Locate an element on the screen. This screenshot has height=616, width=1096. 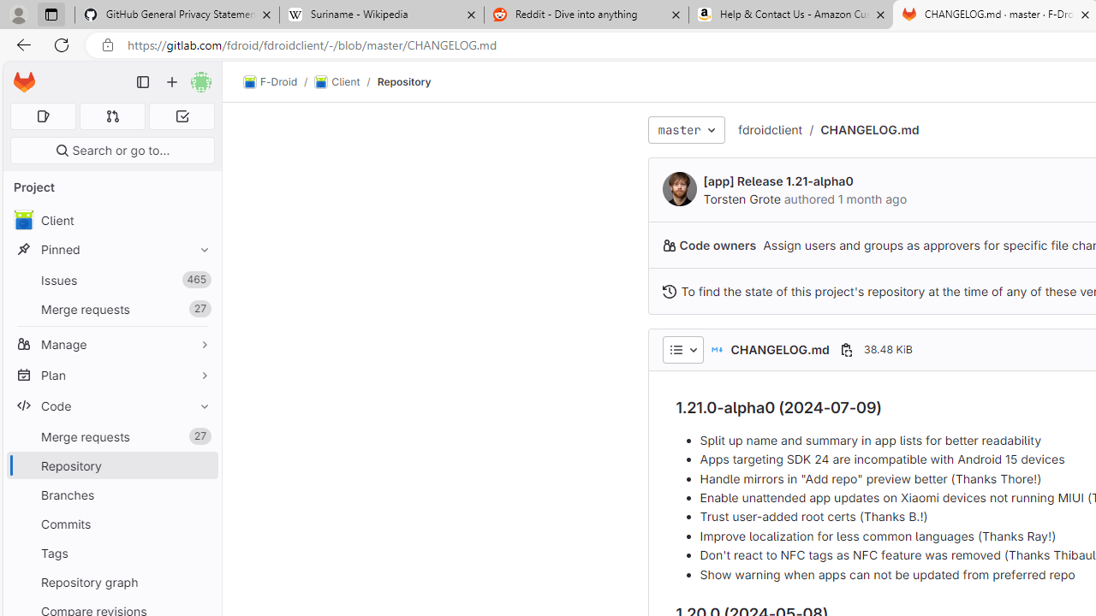
'Pin Repository graph' is located at coordinates (200, 581).